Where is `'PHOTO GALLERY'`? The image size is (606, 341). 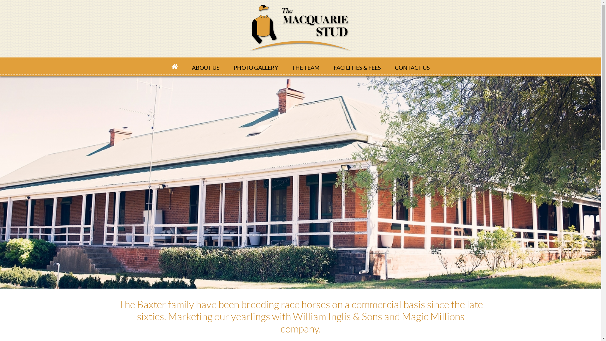 'PHOTO GALLERY' is located at coordinates (256, 67).